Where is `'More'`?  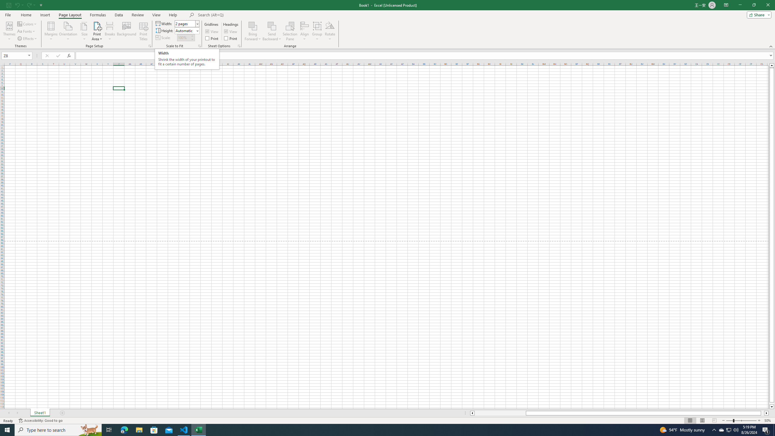
'More' is located at coordinates (192, 36).